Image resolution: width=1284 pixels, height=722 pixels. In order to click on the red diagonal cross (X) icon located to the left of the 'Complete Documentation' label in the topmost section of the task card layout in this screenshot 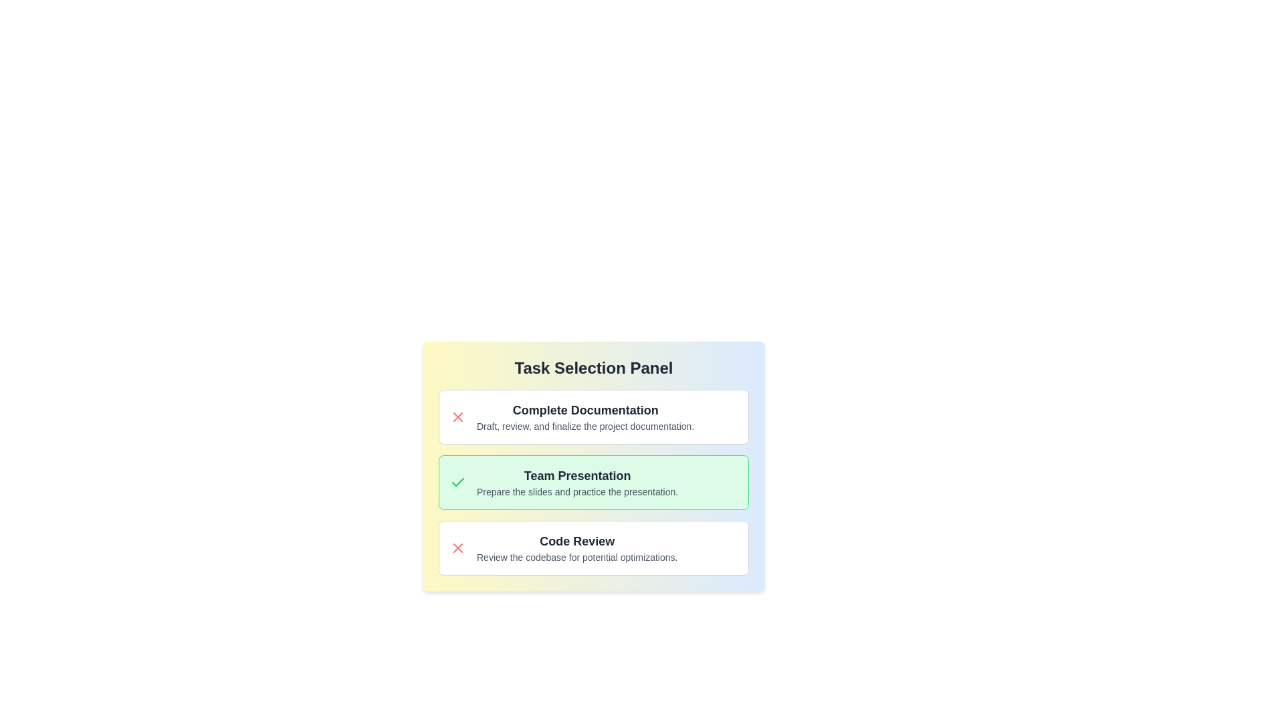, I will do `click(458, 548)`.